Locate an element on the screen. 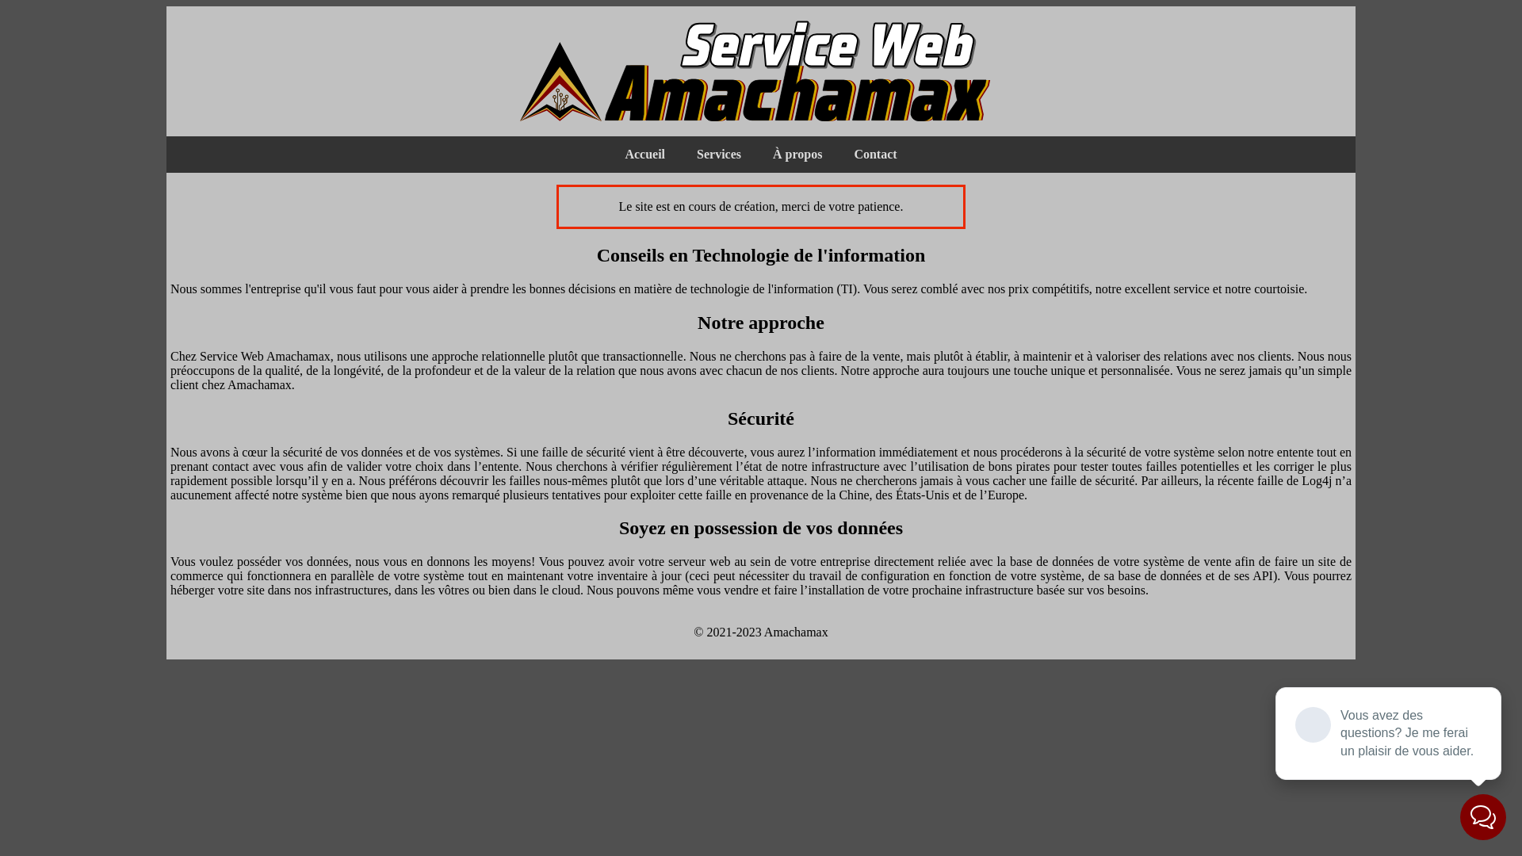  'Accueil' is located at coordinates (644, 155).